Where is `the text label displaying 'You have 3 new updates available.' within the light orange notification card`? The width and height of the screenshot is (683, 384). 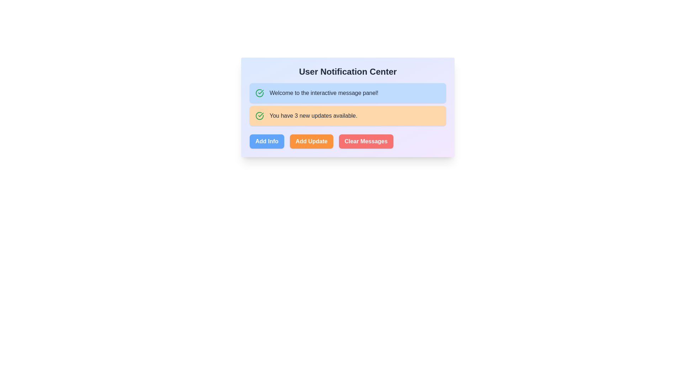
the text label displaying 'You have 3 new updates available.' within the light orange notification card is located at coordinates (313, 116).